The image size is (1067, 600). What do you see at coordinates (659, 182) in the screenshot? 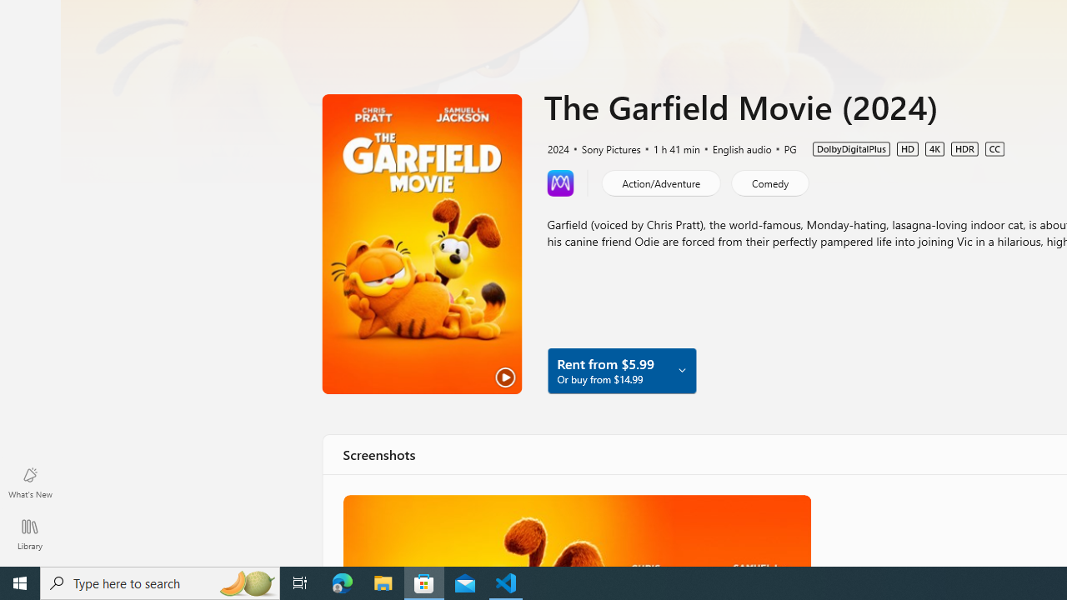
I see `'Action/Adventure'` at bounding box center [659, 182].